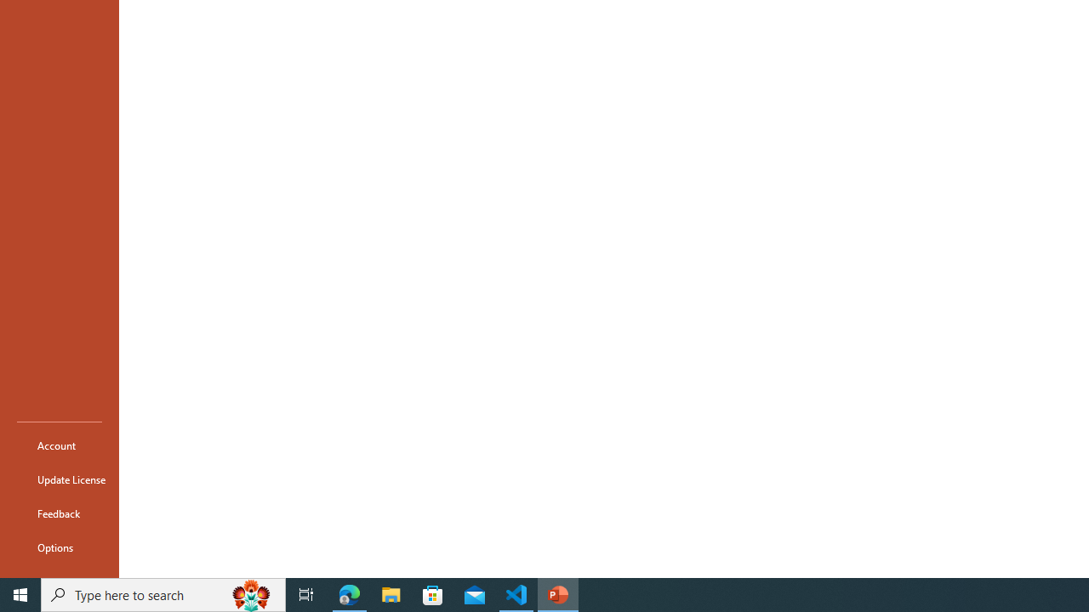 The width and height of the screenshot is (1089, 612). I want to click on 'Feedback', so click(59, 513).